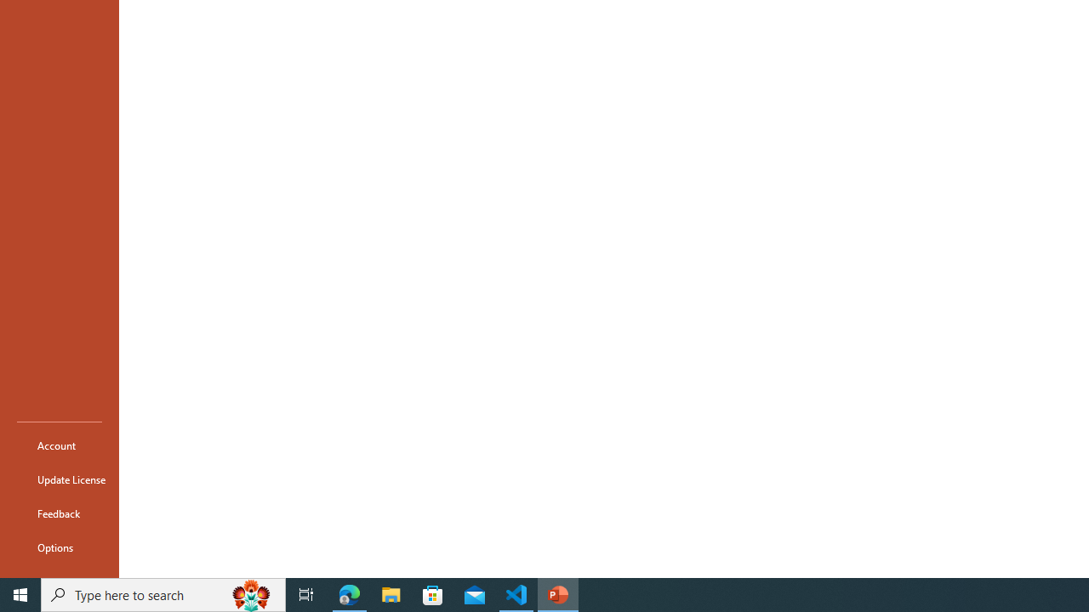 The width and height of the screenshot is (1089, 612). I want to click on 'Feedback', so click(59, 513).